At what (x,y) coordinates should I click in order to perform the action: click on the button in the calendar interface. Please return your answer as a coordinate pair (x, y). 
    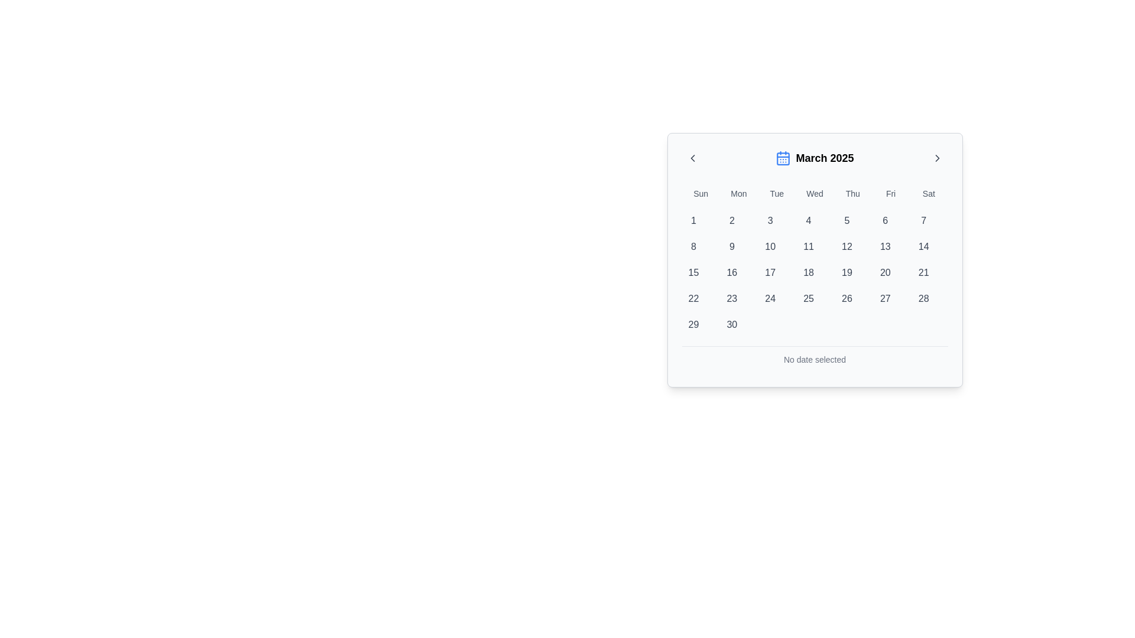
    Looking at the image, I should click on (885, 273).